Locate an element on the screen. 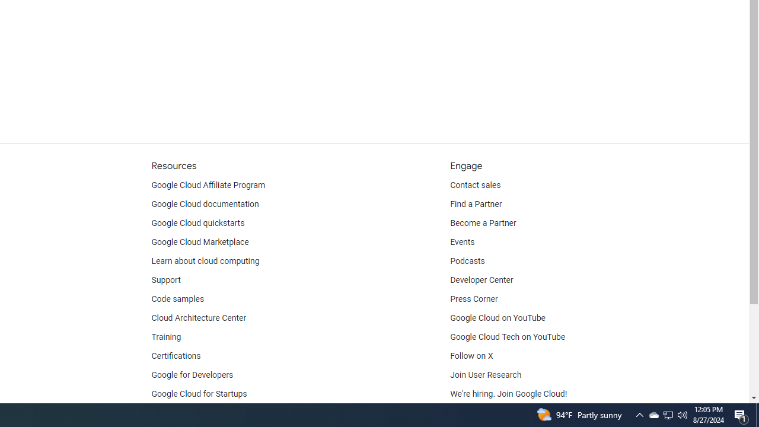  'Training' is located at coordinates (165, 337).